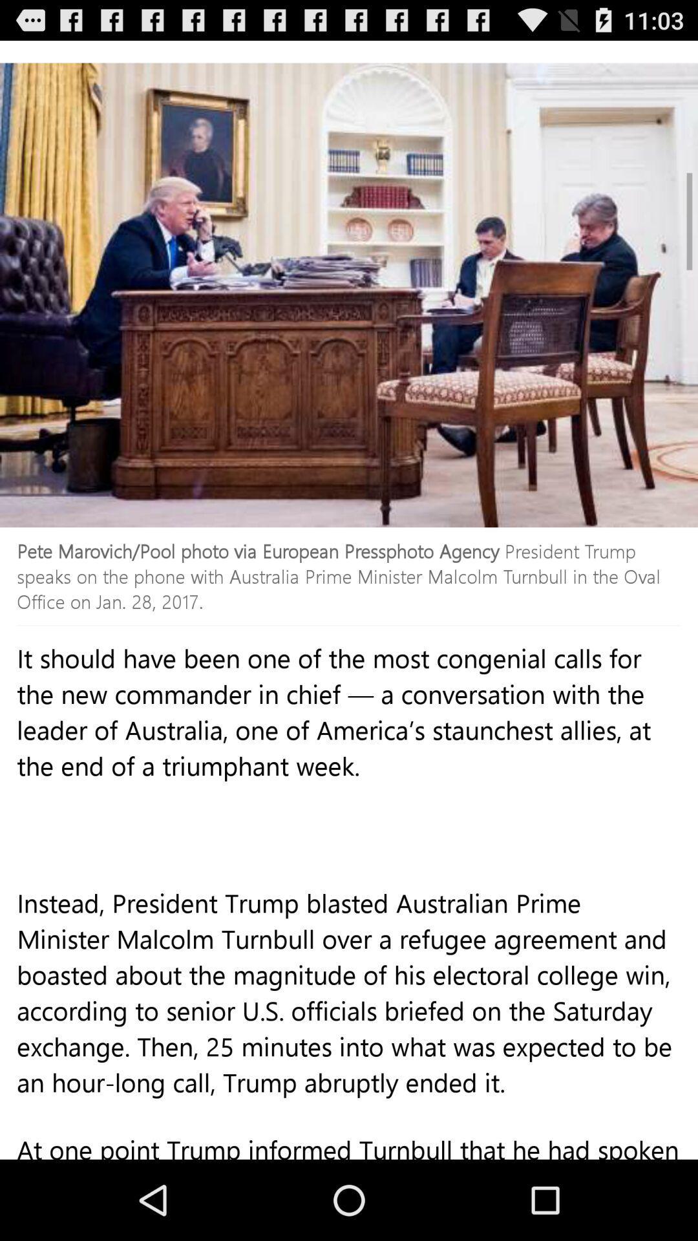 The width and height of the screenshot is (698, 1241). I want to click on the it should have item, so click(349, 774).